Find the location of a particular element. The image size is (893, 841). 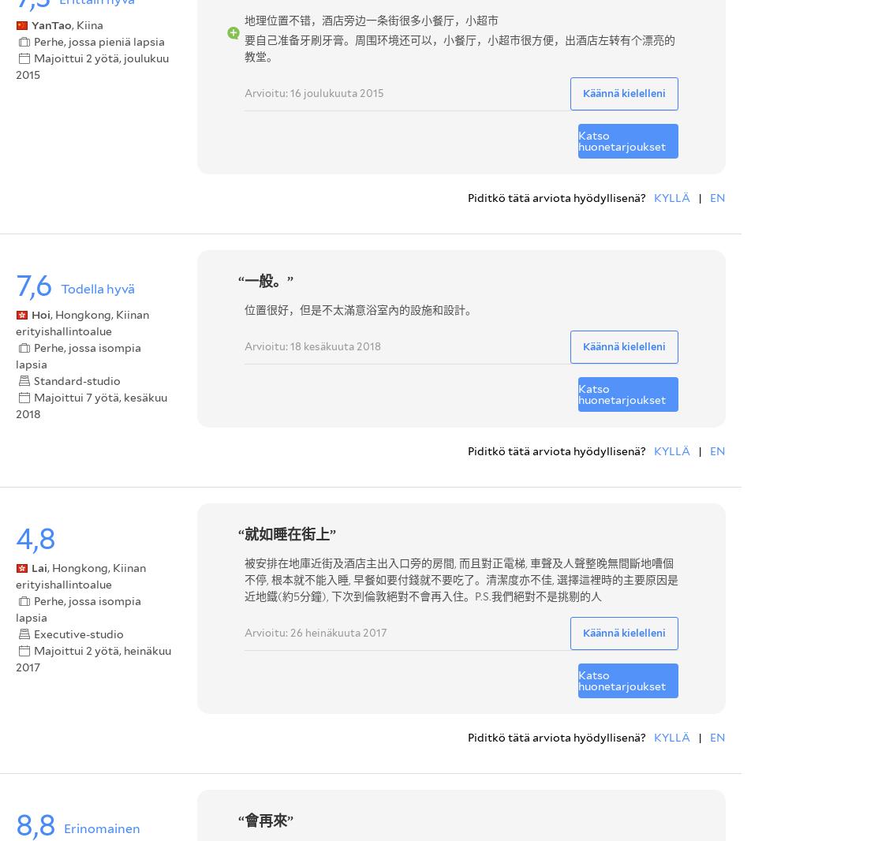

'Erinomainen' is located at coordinates (101, 828).